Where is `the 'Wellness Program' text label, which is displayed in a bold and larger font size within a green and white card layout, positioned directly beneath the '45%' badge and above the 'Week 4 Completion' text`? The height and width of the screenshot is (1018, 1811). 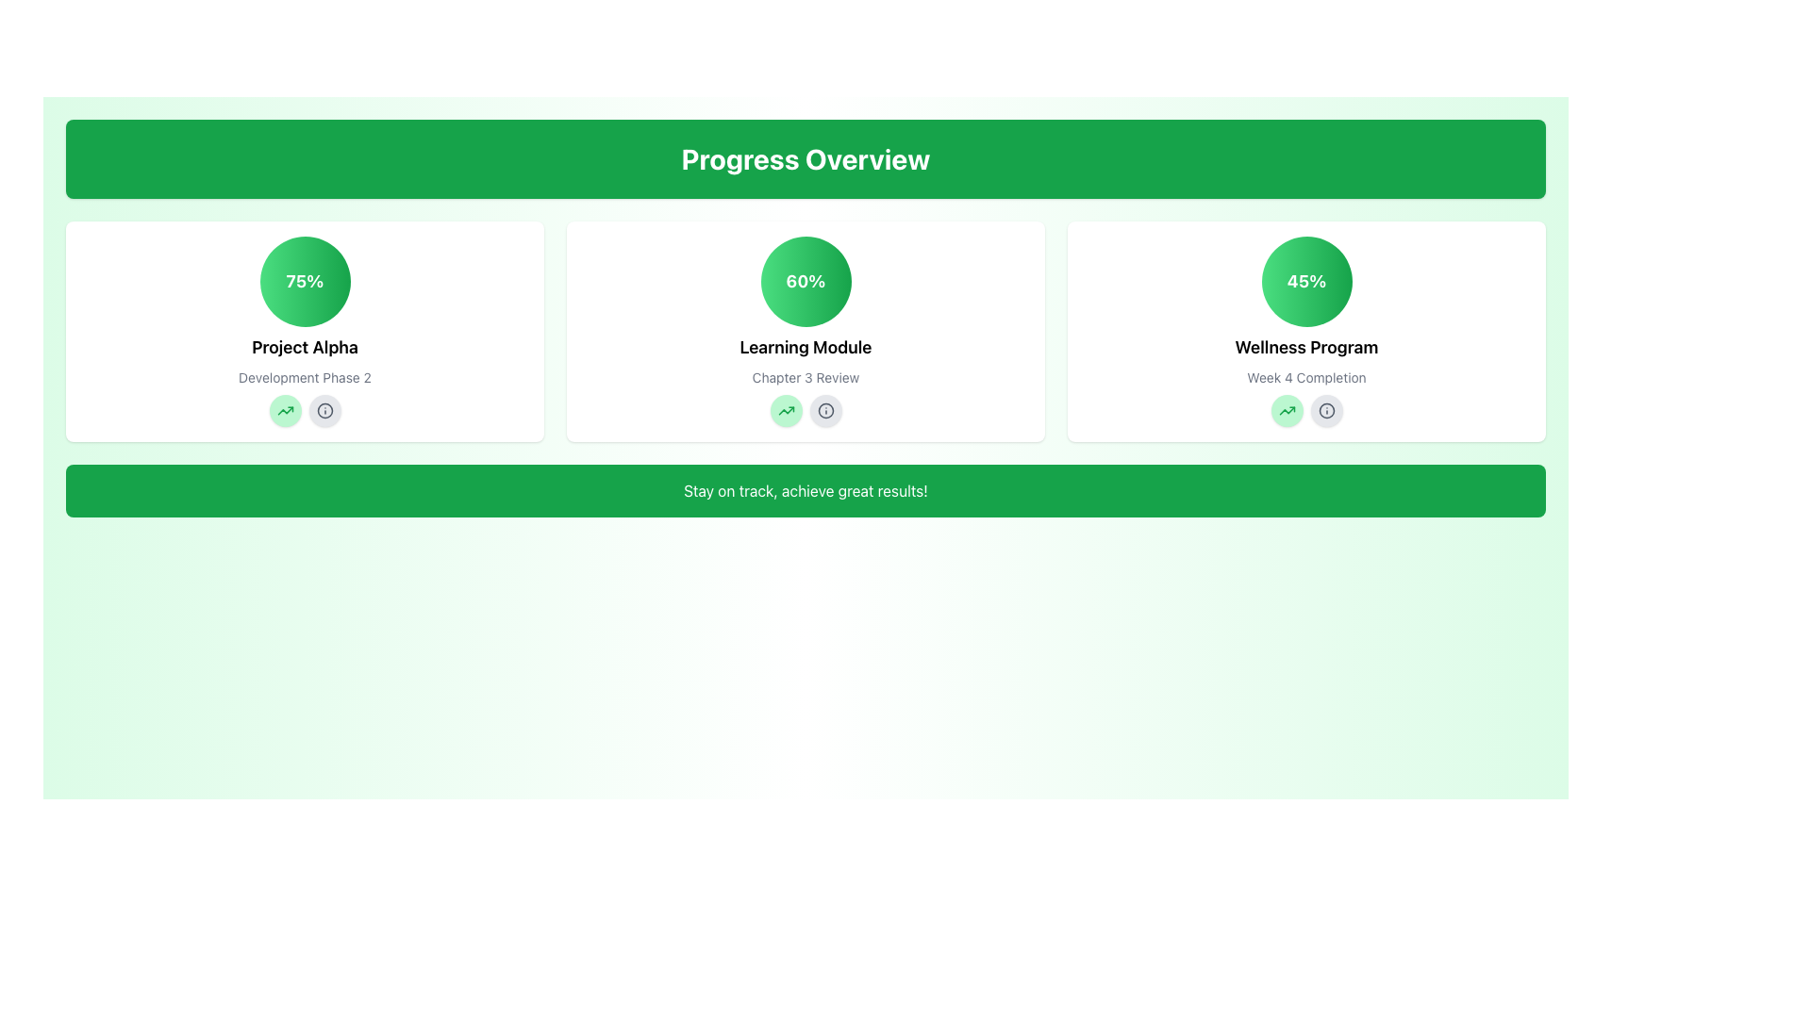
the 'Wellness Program' text label, which is displayed in a bold and larger font size within a green and white card layout, positioned directly beneath the '45%' badge and above the 'Week 4 Completion' text is located at coordinates (1305, 348).